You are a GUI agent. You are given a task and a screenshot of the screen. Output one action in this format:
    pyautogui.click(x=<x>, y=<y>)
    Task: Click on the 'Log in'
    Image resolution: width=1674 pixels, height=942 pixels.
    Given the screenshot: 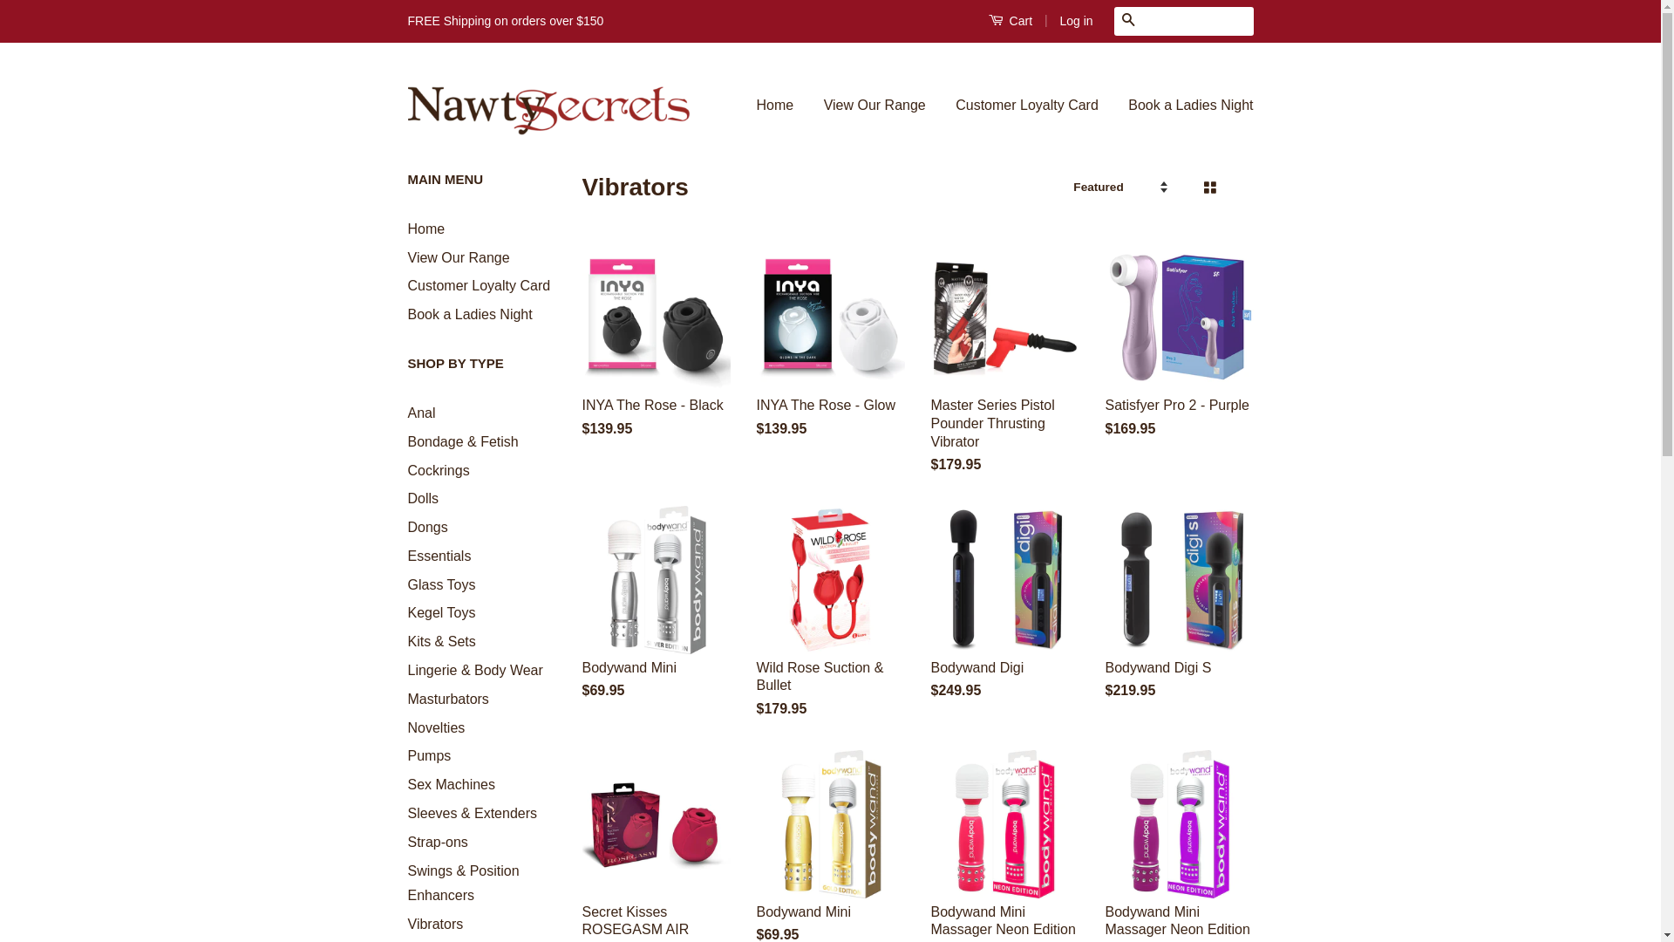 What is the action you would take?
    pyautogui.click(x=1074, y=20)
    